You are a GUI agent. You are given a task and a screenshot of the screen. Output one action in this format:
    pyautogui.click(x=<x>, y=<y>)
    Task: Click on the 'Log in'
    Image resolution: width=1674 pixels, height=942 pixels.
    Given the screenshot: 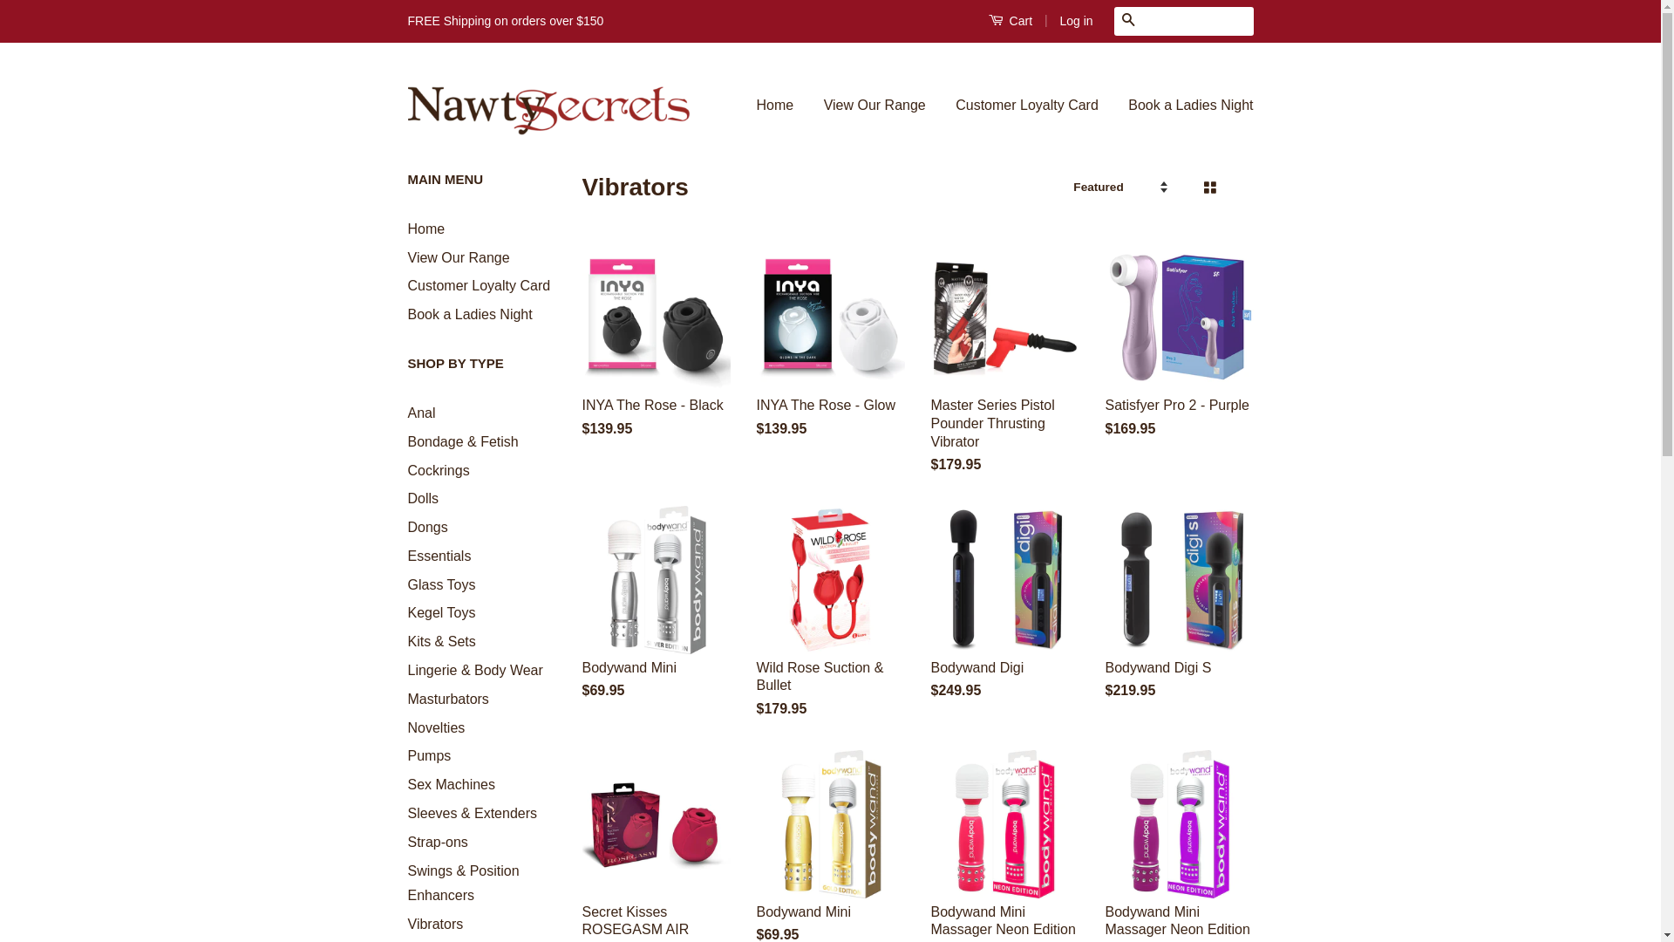 What is the action you would take?
    pyautogui.click(x=1074, y=20)
    